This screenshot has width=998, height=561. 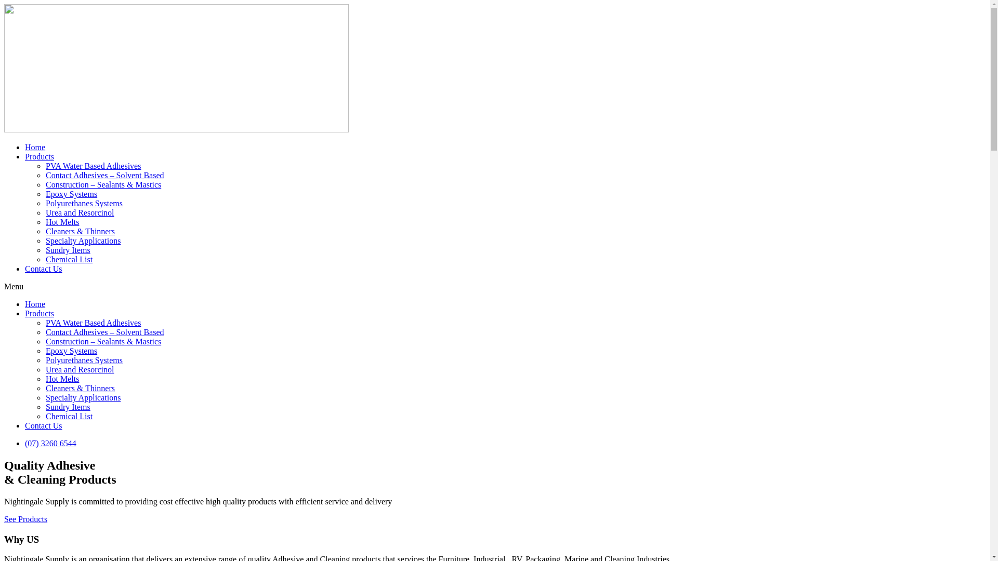 What do you see at coordinates (25, 313) in the screenshot?
I see `'Products'` at bounding box center [25, 313].